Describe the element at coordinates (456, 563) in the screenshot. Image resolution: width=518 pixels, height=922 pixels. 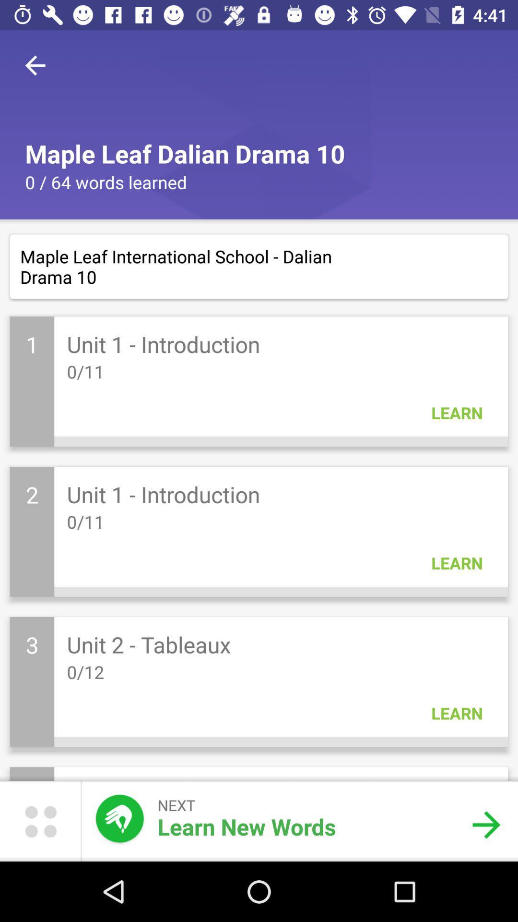
I see `the second learn` at that location.